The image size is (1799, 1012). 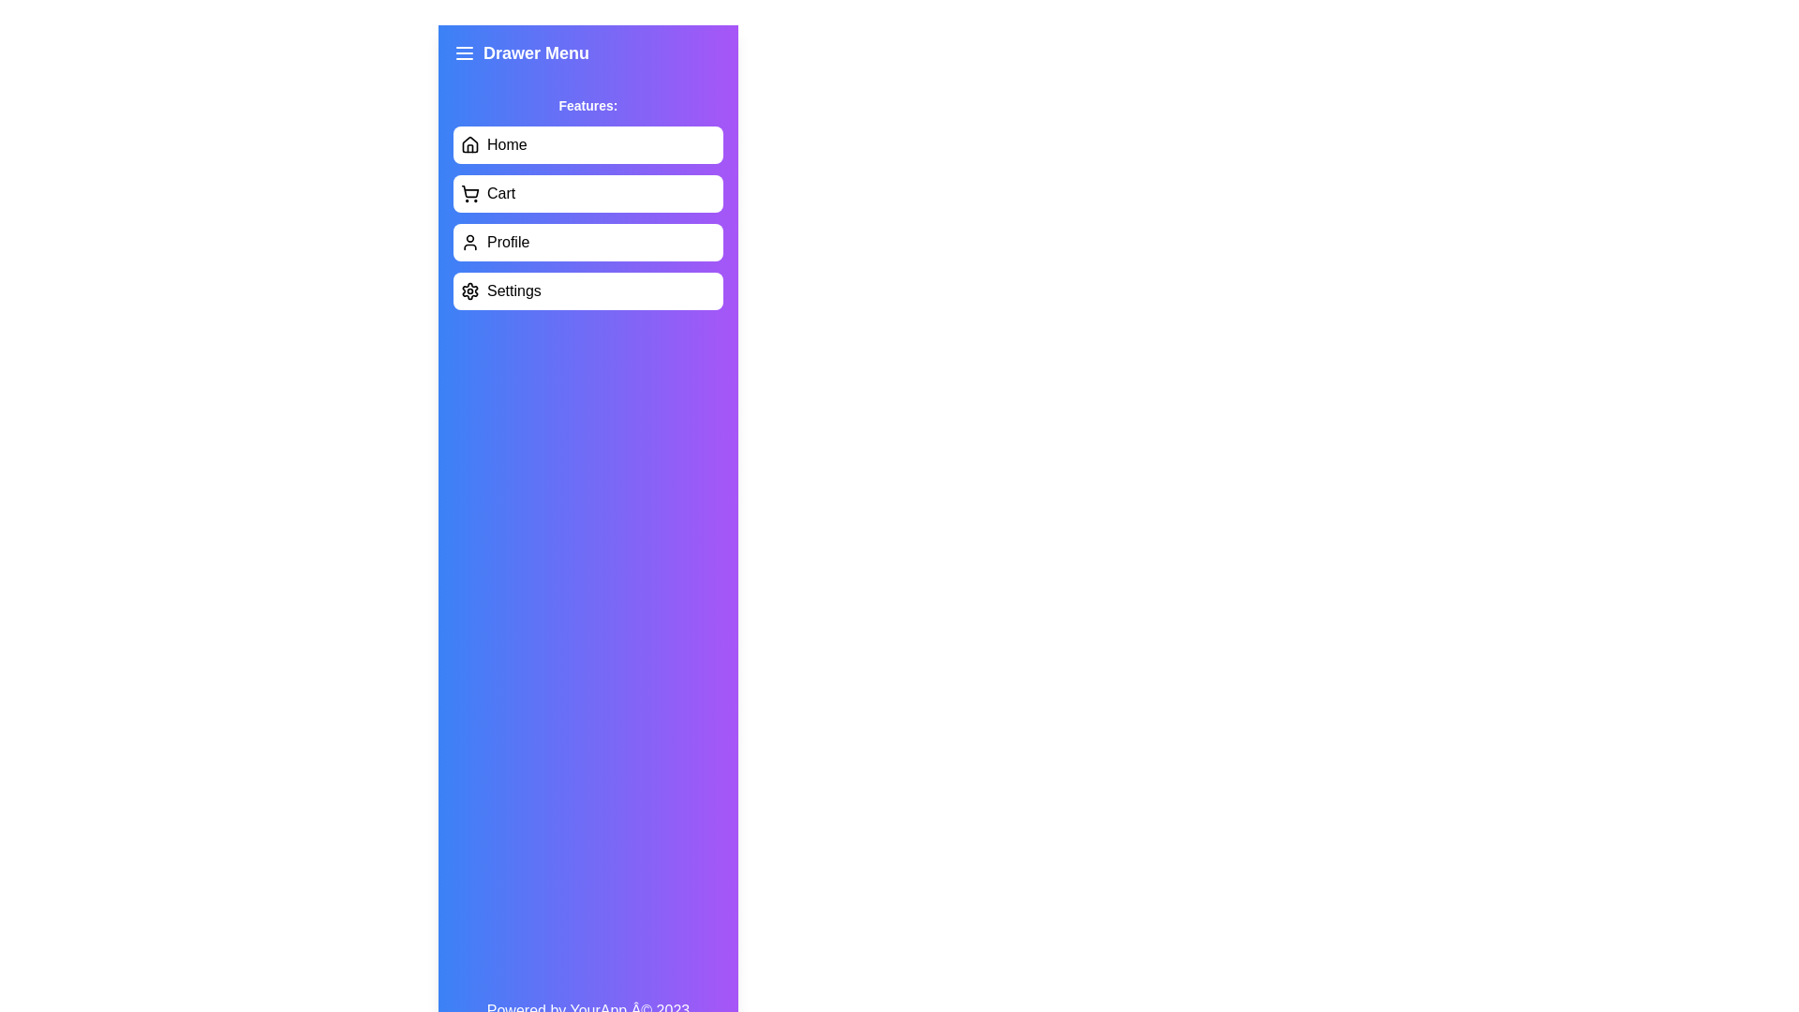 I want to click on the 'Settings' icon located at the left of the 'Settings' menu item to enhance user recognition and navigability, so click(x=470, y=291).